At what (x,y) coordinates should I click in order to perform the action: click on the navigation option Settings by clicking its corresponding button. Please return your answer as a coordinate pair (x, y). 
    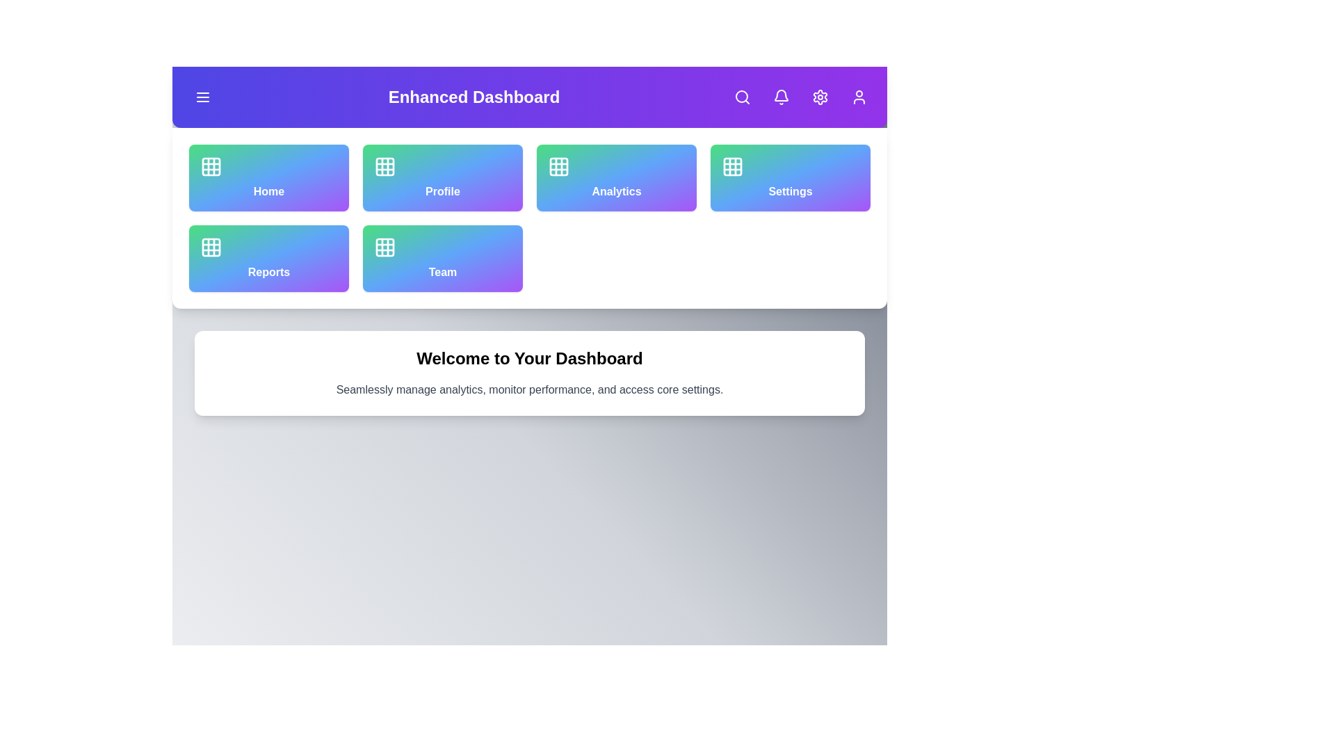
    Looking at the image, I should click on (791, 177).